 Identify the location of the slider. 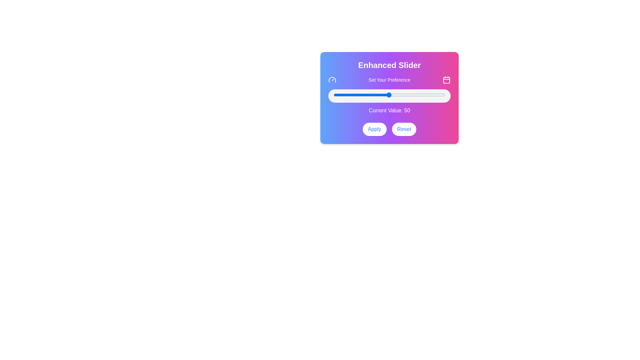
(438, 95).